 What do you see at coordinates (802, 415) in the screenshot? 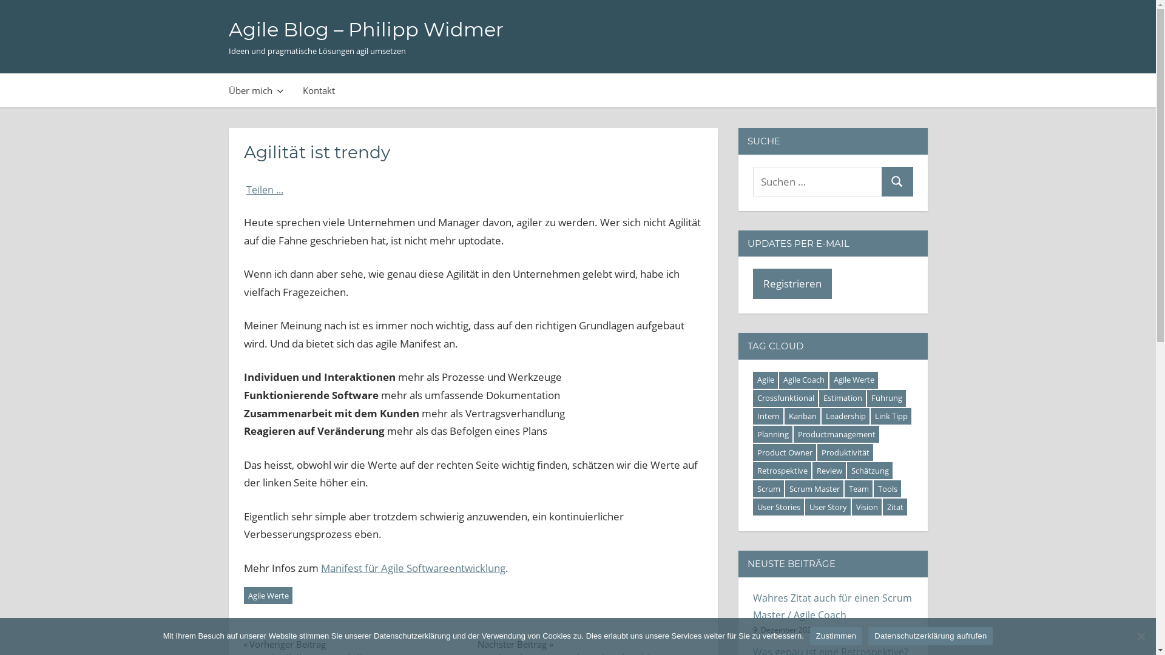
I see `'Kanban'` at bounding box center [802, 415].